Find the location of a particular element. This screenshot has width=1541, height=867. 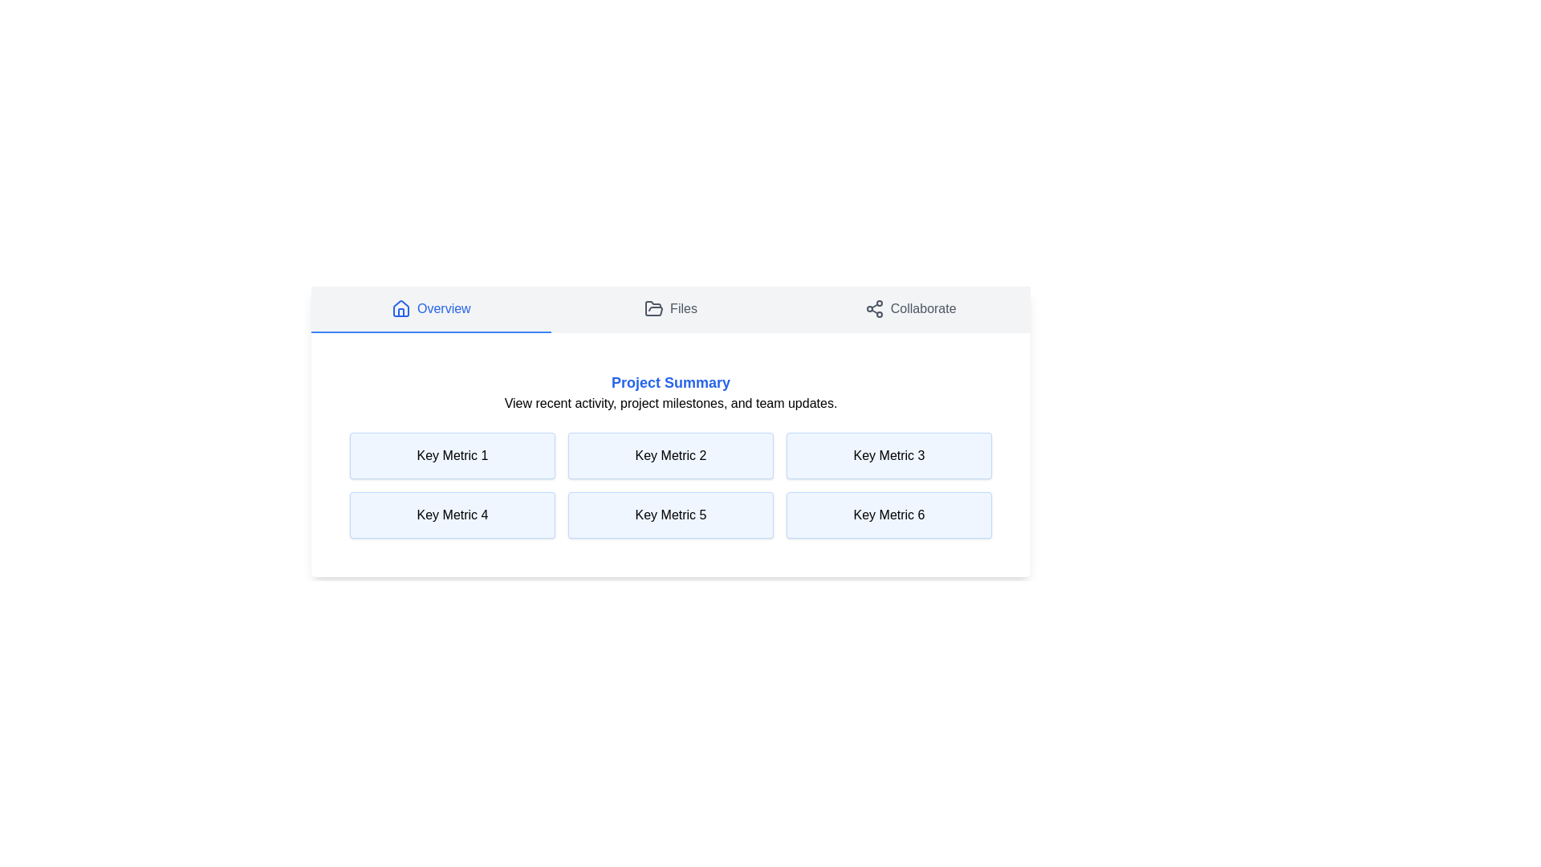

information displayed in the grid of informational cards located below the 'Project Summary' title, which consists of six rectangular blocks with a light blue background, containing titles like 'Key Metric 1', 'Key Metric 2', etc is located at coordinates (670, 485).